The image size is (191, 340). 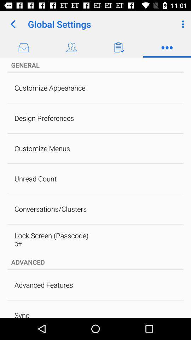 What do you see at coordinates (13, 24) in the screenshot?
I see `the item next to the global settings icon` at bounding box center [13, 24].